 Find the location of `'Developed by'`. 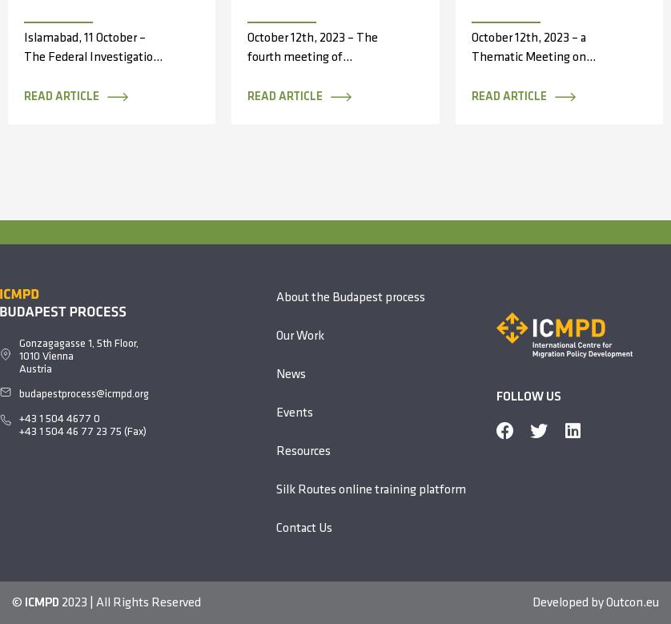

'Developed by' is located at coordinates (532, 601).